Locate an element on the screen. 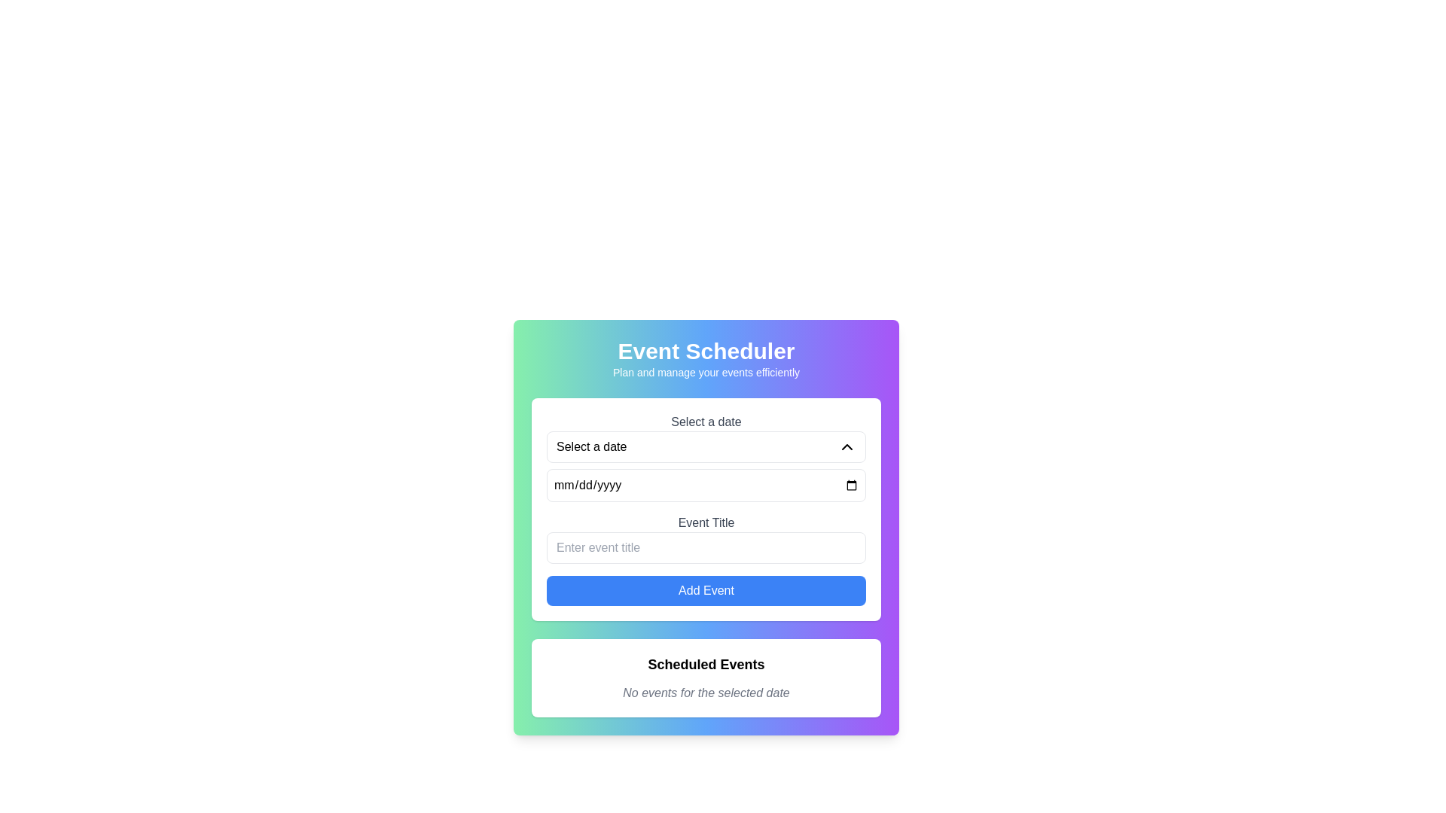  the italicized static text that reads 'No events for the selected date', which is located below the heading 'Scheduled Events' in the 'Scheduled Events' section is located at coordinates (705, 693).